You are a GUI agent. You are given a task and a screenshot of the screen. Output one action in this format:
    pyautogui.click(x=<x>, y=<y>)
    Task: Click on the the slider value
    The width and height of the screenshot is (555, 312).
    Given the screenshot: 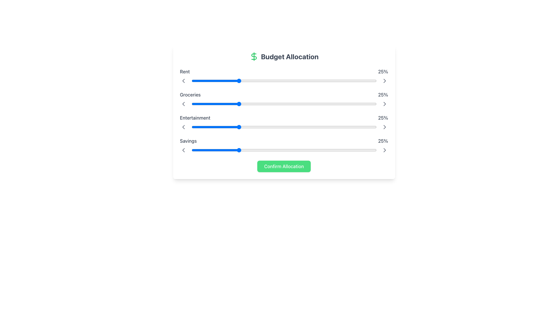 What is the action you would take?
    pyautogui.click(x=299, y=150)
    